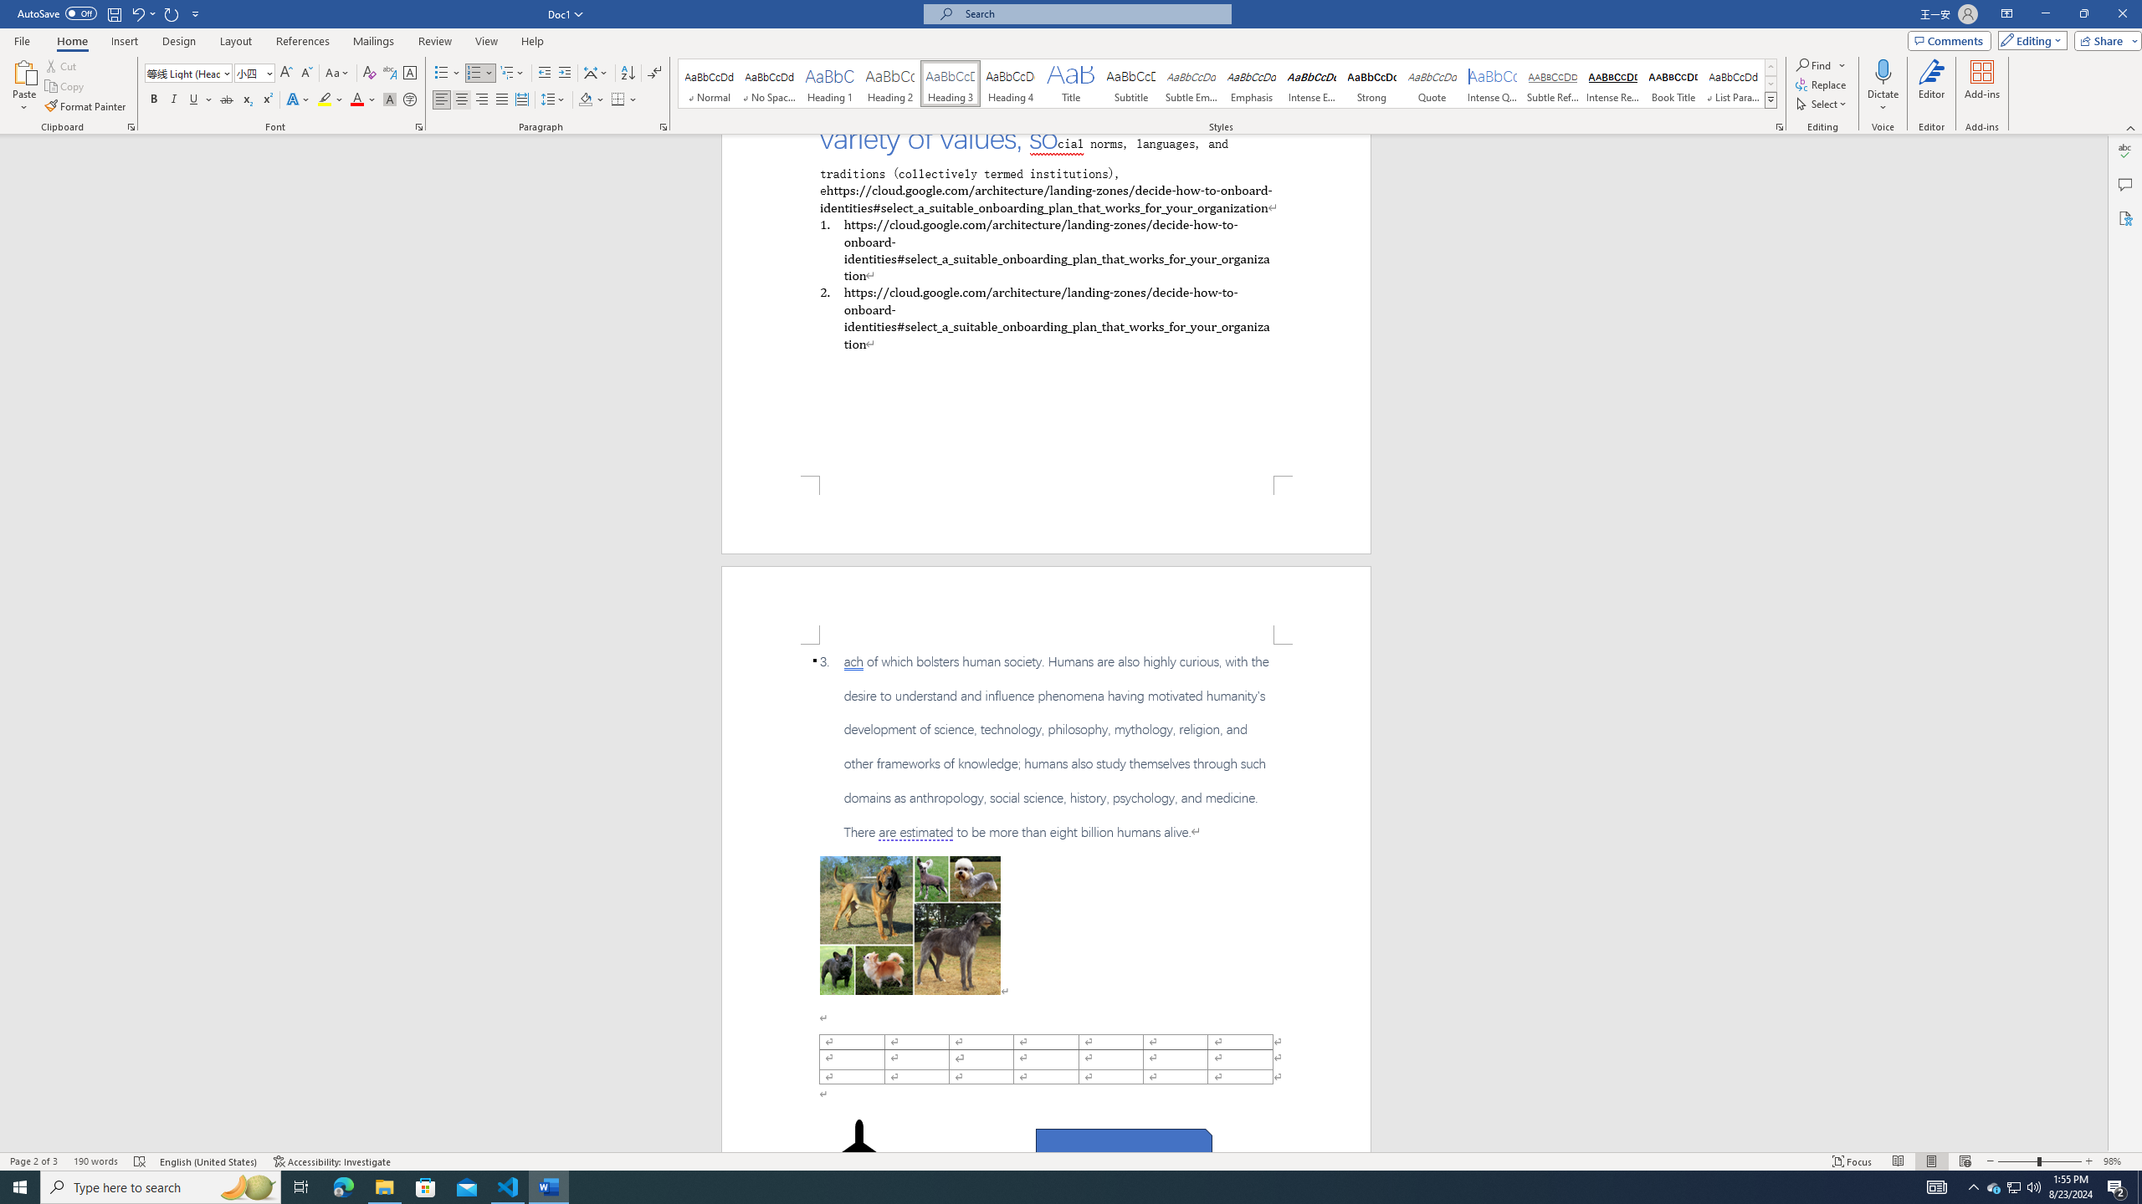 This screenshot has height=1204, width=2142. What do you see at coordinates (1612, 83) in the screenshot?
I see `'Intense Reference'` at bounding box center [1612, 83].